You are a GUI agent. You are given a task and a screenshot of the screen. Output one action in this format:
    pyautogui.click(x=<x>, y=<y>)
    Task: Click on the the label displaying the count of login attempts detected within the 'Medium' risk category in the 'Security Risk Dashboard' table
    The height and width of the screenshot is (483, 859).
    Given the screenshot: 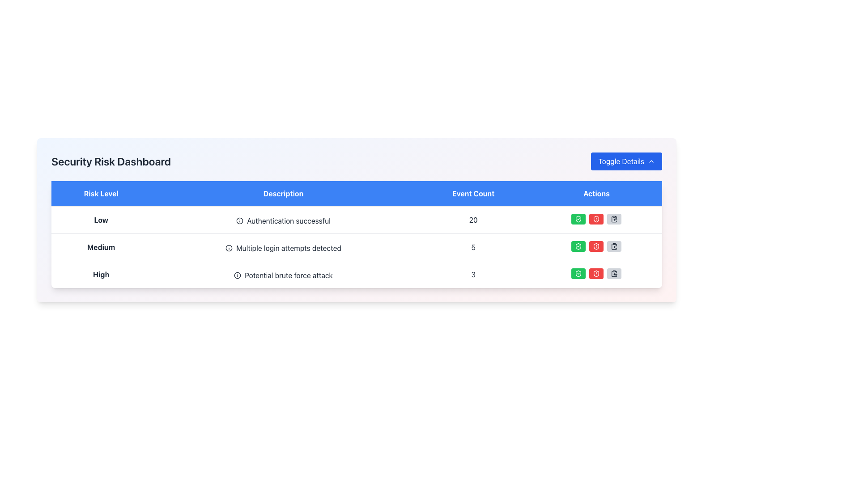 What is the action you would take?
    pyautogui.click(x=473, y=247)
    